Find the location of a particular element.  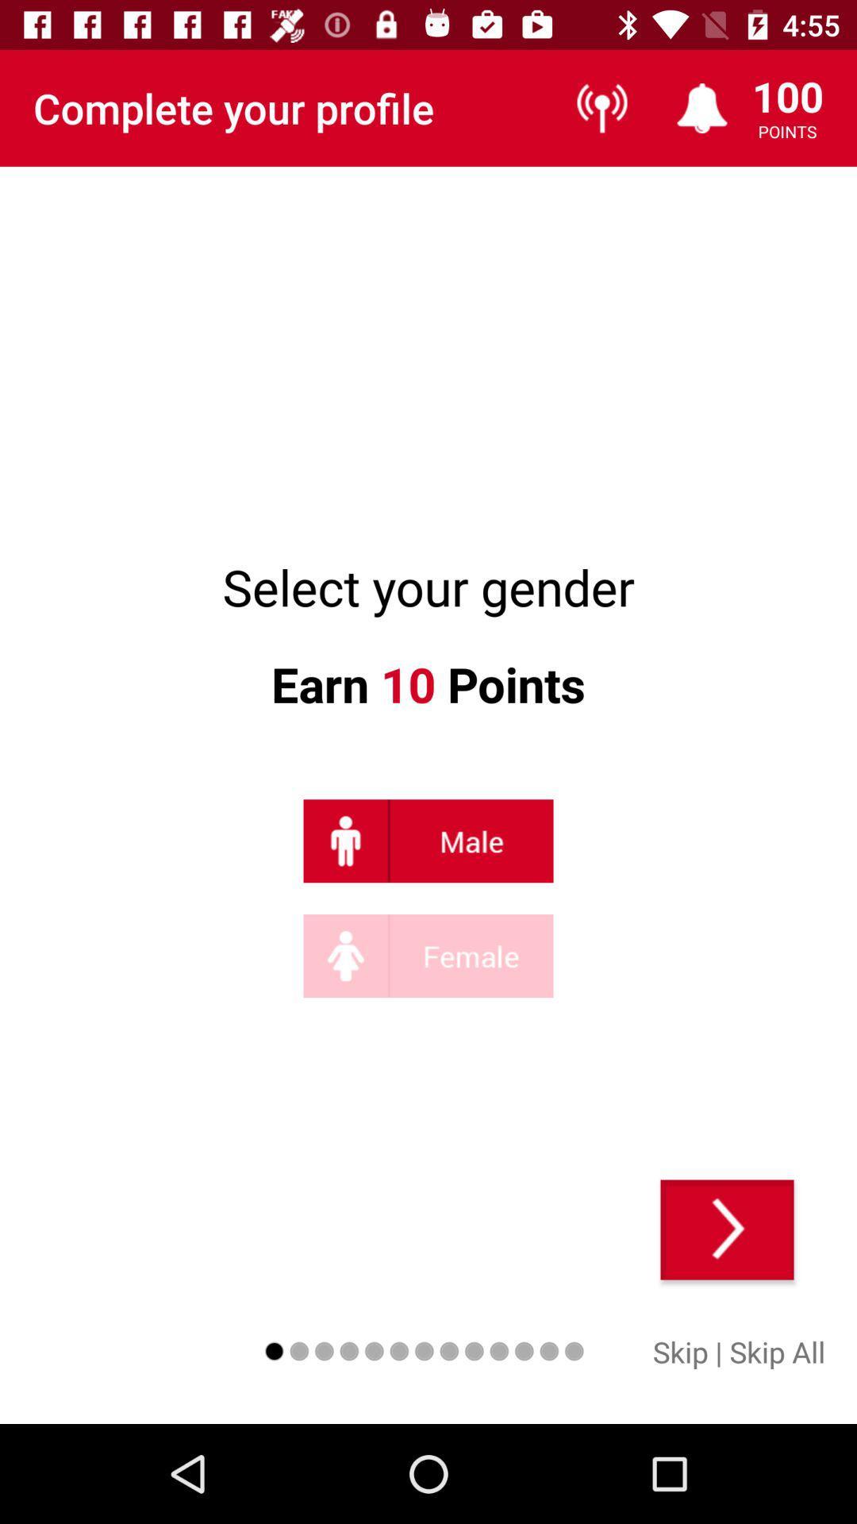

female gender is located at coordinates (428, 955).